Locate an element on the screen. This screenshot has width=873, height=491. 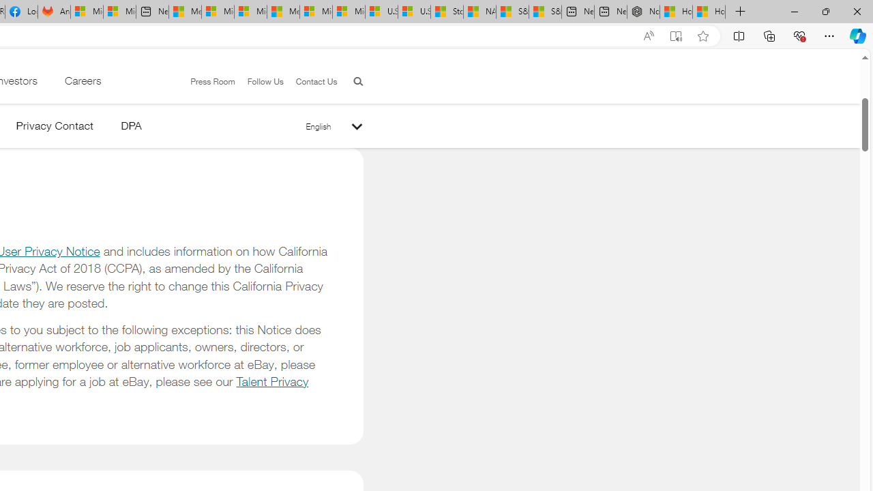
'Enter Immersive Reader (F9)' is located at coordinates (676, 35).